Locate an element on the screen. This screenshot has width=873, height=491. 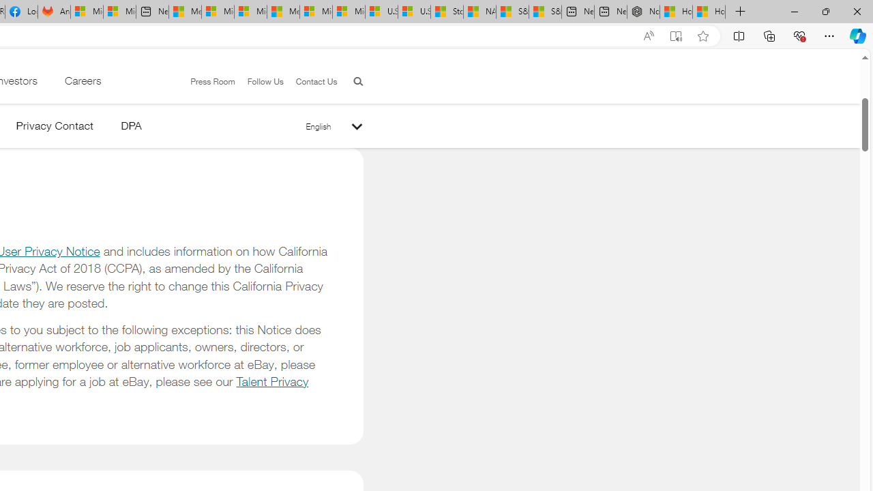
'Enter Immersive Reader (F9)' is located at coordinates (676, 35).